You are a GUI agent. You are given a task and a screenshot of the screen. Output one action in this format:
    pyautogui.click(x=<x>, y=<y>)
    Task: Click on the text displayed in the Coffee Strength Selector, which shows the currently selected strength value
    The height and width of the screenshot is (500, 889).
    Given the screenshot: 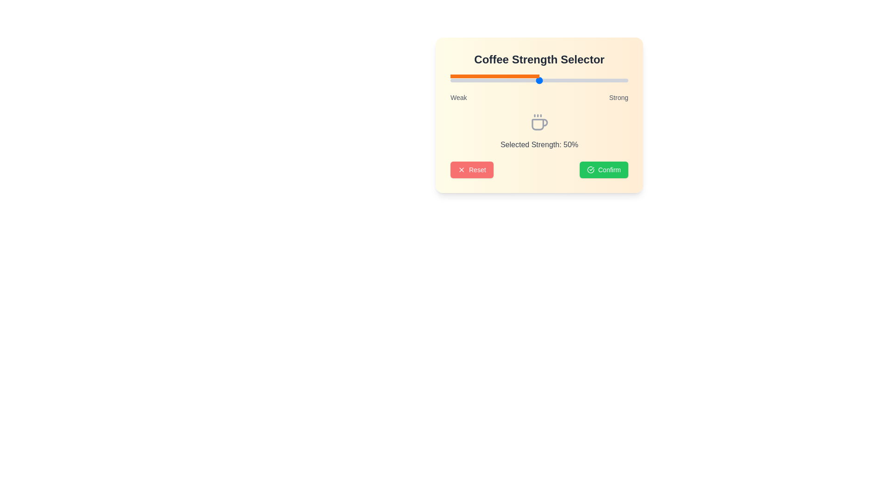 What is the action you would take?
    pyautogui.click(x=539, y=144)
    